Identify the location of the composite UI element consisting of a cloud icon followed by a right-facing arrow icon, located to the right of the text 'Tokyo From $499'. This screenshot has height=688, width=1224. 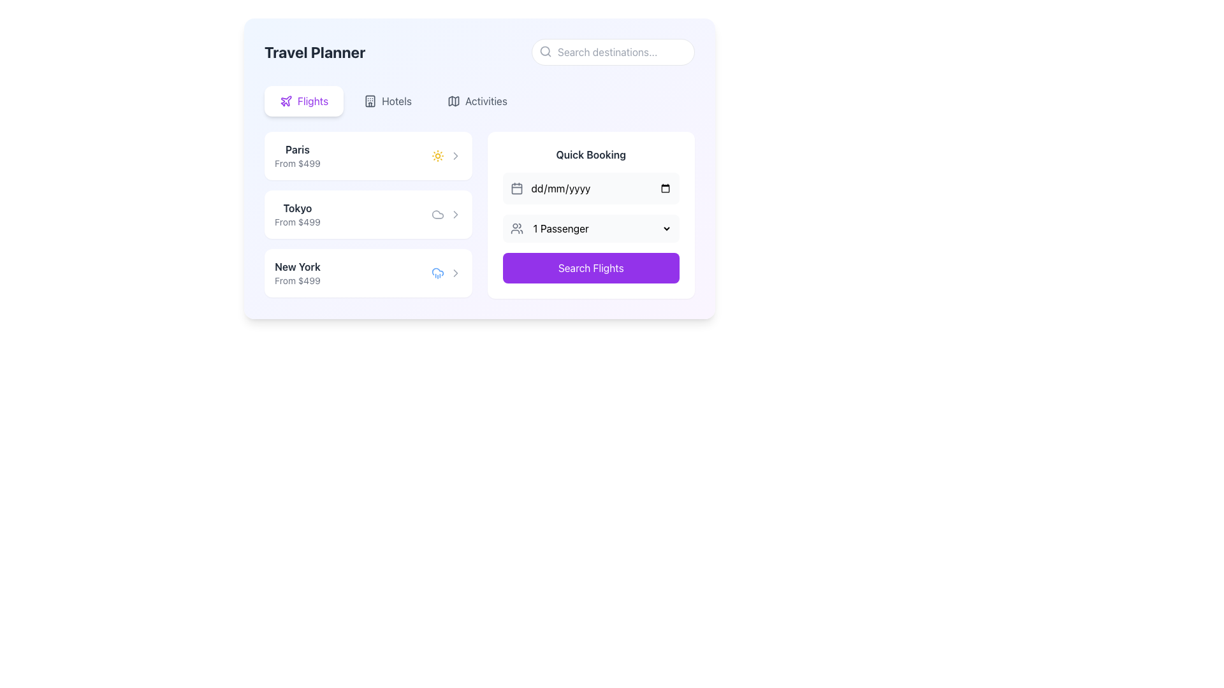
(446, 213).